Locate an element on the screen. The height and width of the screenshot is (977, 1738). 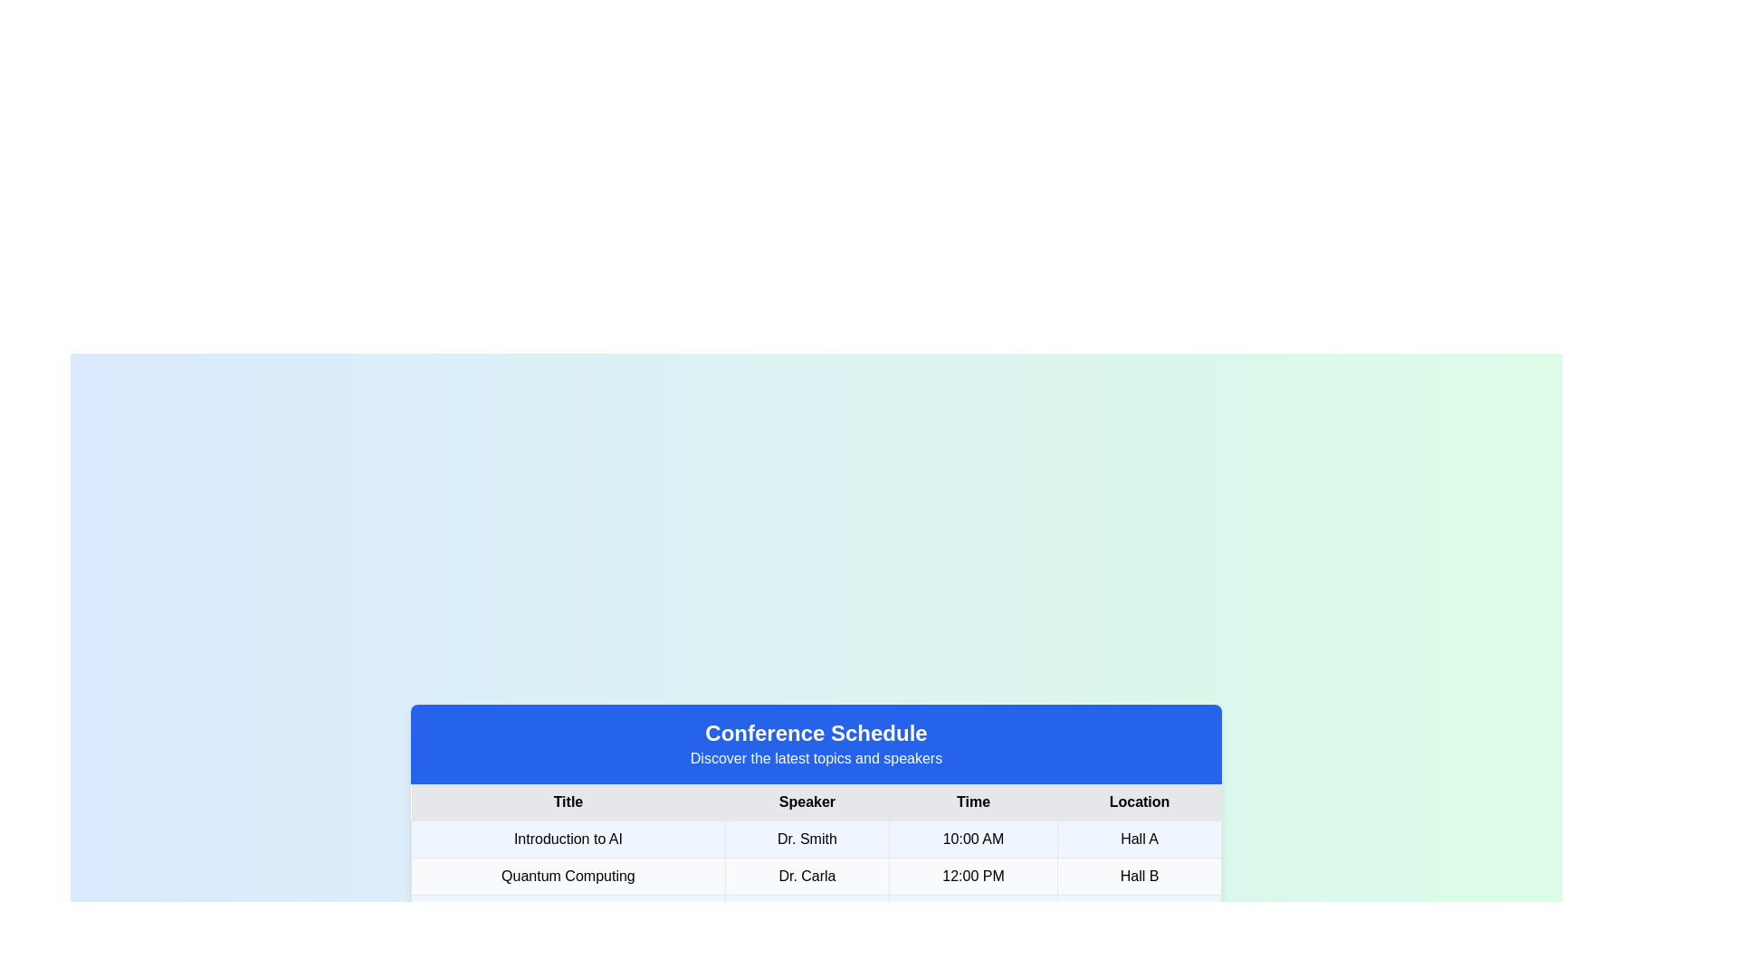
the text label displaying 'Dr. Carla' located in the second cell of the second row in the table for the 'Quantum Computing' session is located at coordinates (807, 875).